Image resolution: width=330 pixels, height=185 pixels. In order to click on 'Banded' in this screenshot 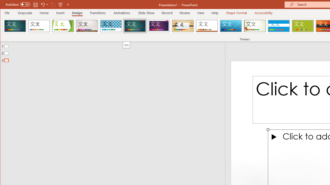, I will do `click(278, 26)`.